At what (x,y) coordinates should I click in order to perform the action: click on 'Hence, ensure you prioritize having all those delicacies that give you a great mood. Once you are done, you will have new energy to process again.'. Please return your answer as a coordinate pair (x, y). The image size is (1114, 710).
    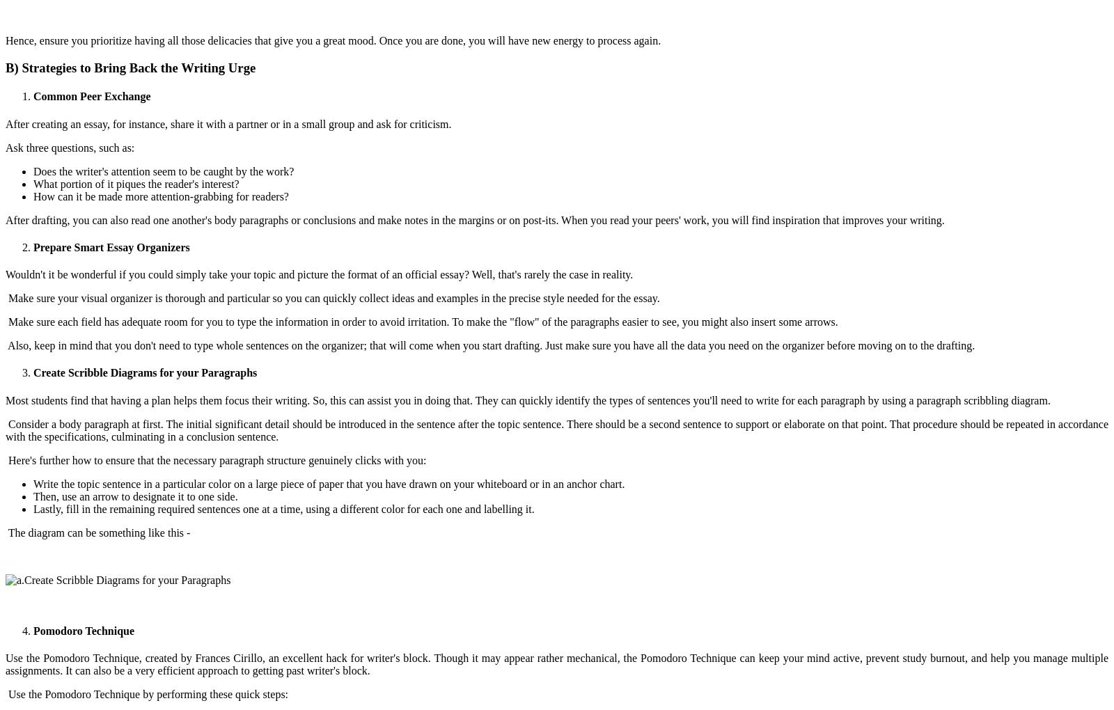
    Looking at the image, I should click on (332, 40).